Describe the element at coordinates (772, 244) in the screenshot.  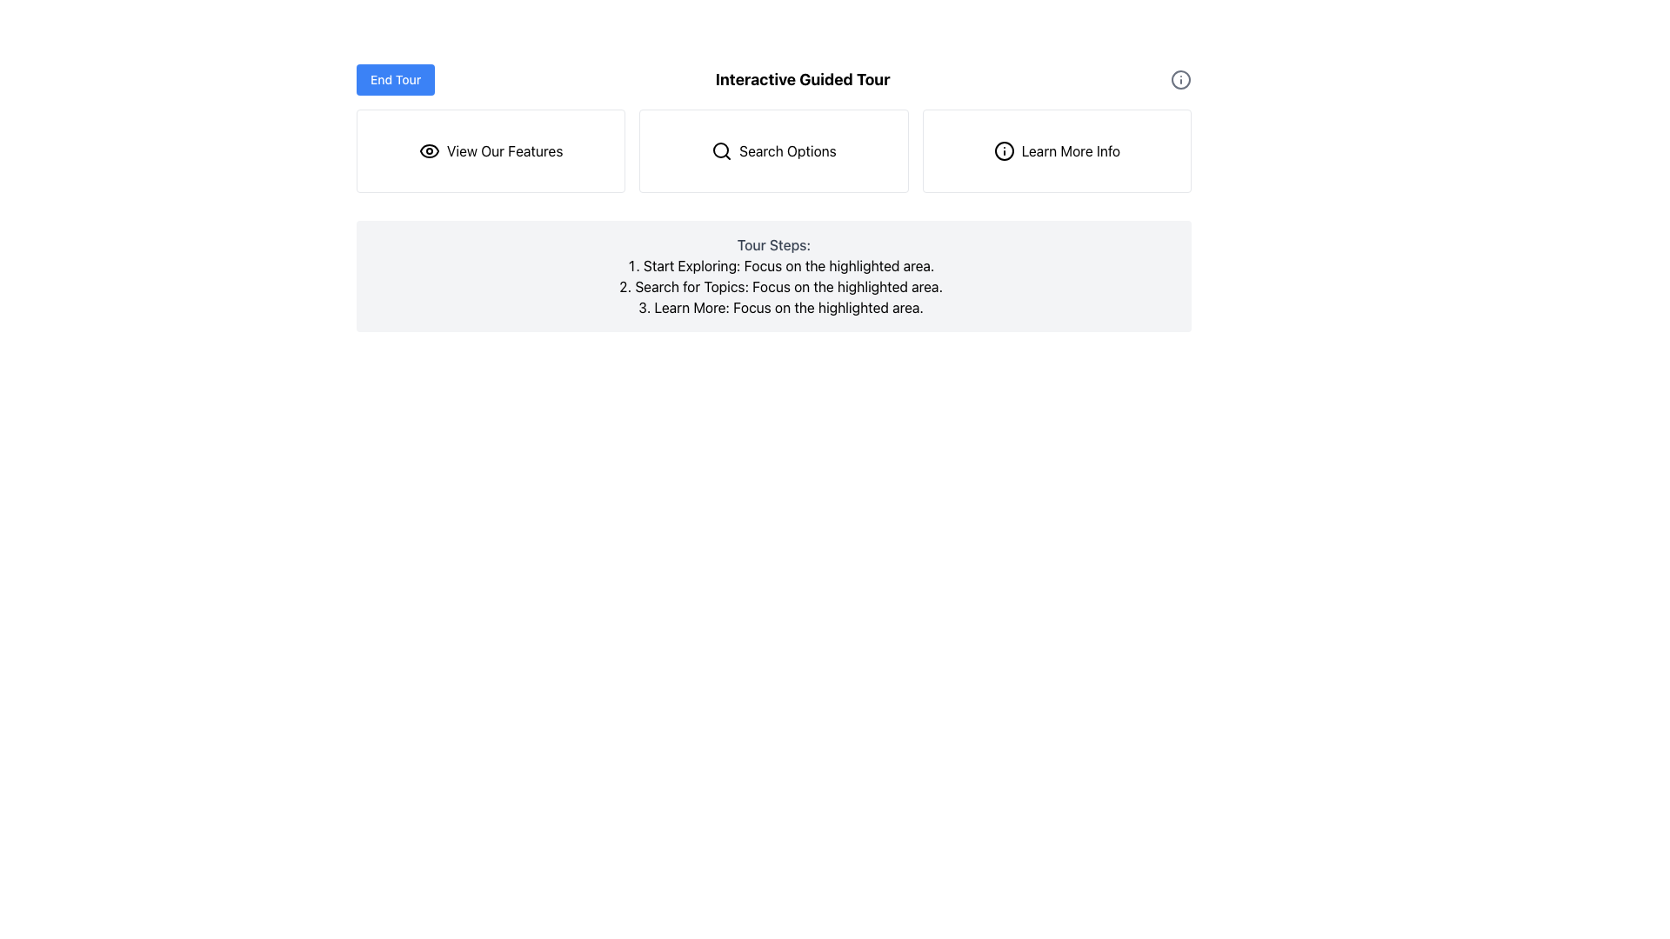
I see `the text label reading 'Tour Steps:' which is positioned above a list of instructions in a medium-sized, bold gray font within a rounded light gray box` at that location.